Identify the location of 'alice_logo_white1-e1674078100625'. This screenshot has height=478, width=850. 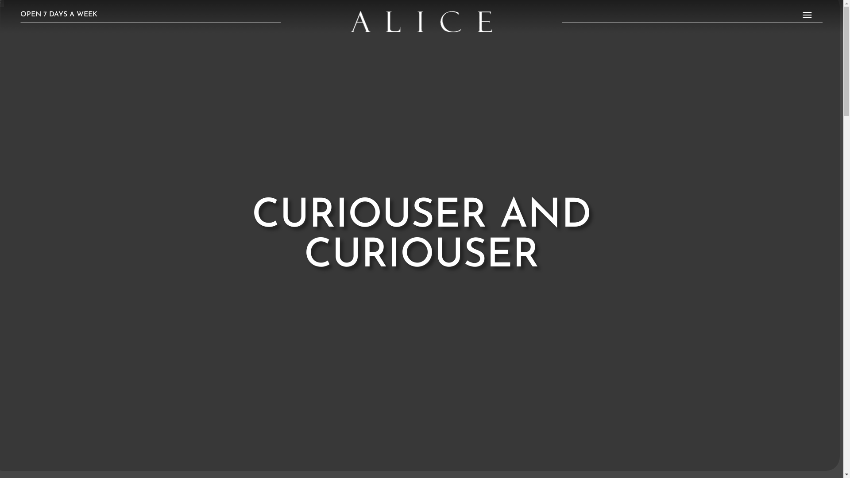
(421, 21).